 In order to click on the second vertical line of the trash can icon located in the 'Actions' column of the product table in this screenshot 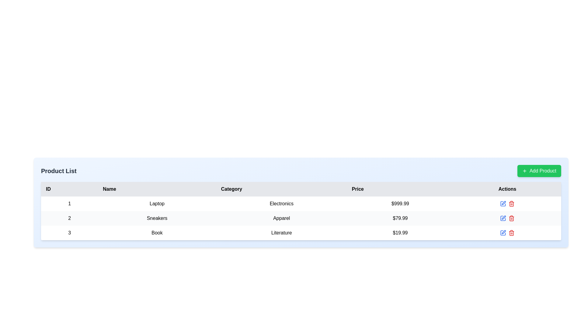, I will do `click(511, 233)`.